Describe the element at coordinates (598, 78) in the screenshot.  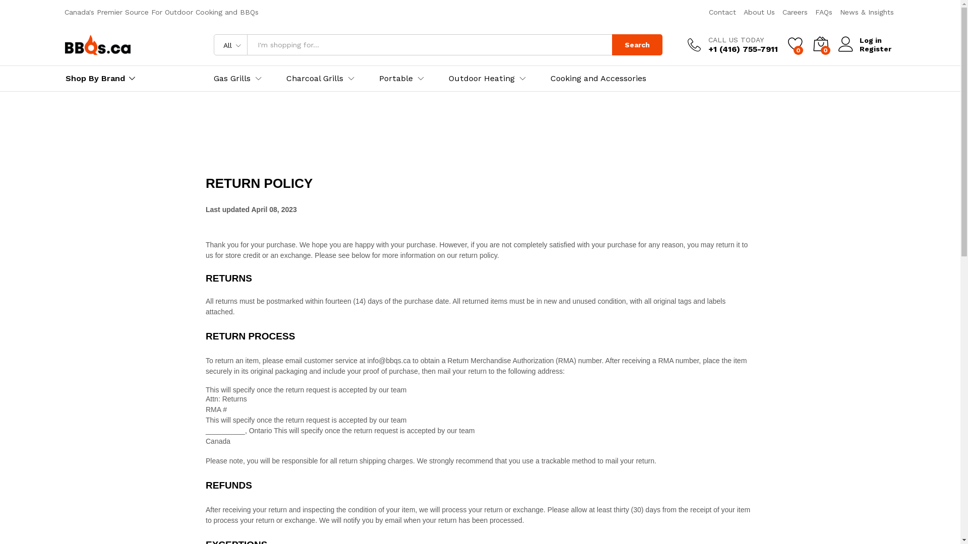
I see `'Cooking and Accessories'` at that location.